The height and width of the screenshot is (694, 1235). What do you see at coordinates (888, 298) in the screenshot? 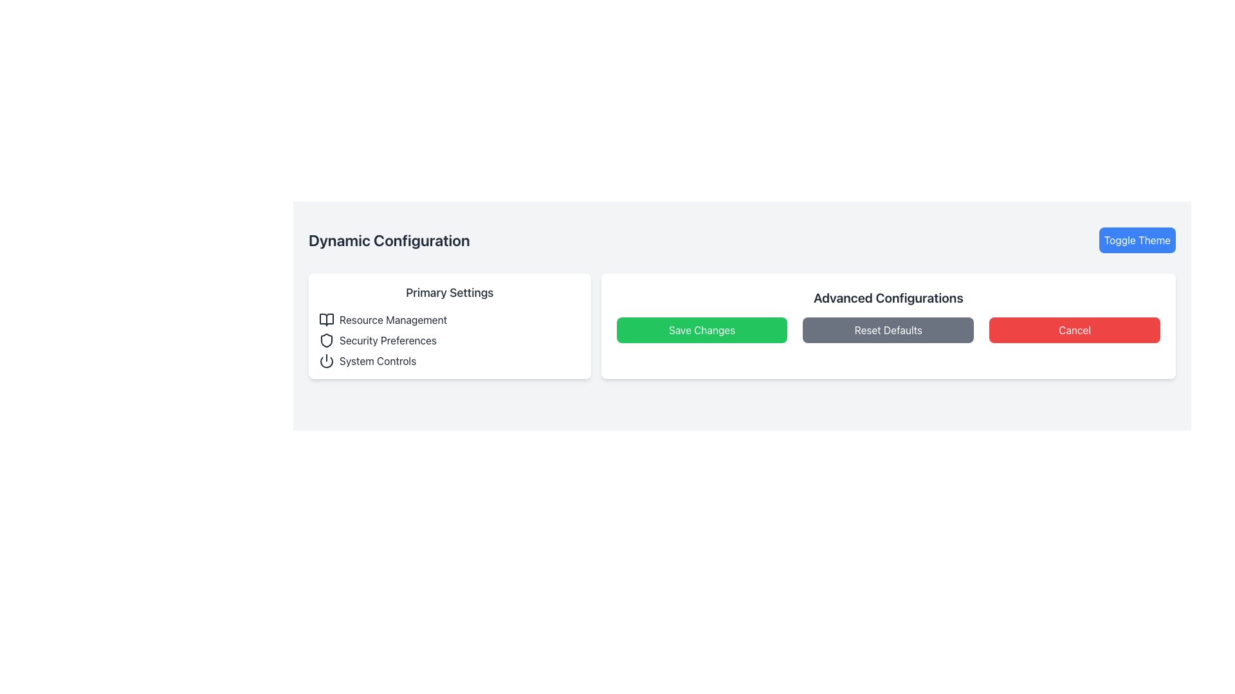
I see `the text label displaying 'Advanced Configurations', which serves as a header for the section above the interactive buttons` at bounding box center [888, 298].